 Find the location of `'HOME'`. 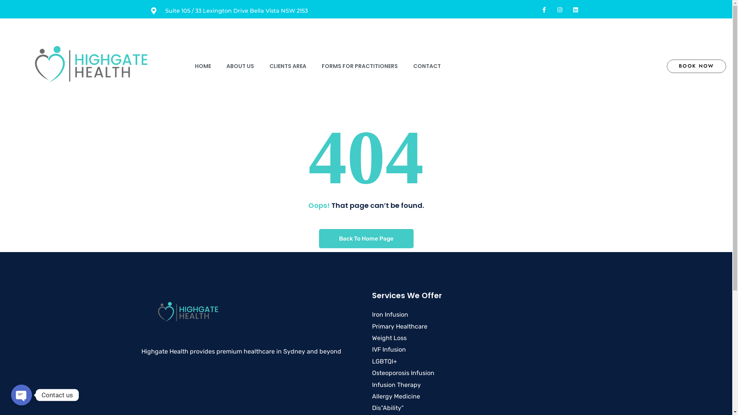

'HOME' is located at coordinates (203, 66).